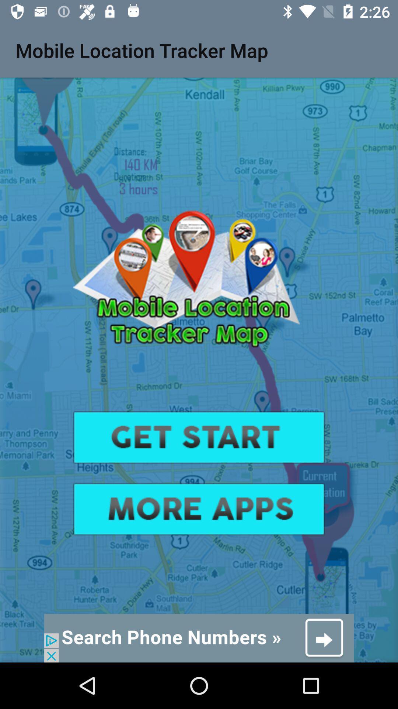  Describe the element at coordinates (199, 508) in the screenshot. I see `advatisment` at that location.